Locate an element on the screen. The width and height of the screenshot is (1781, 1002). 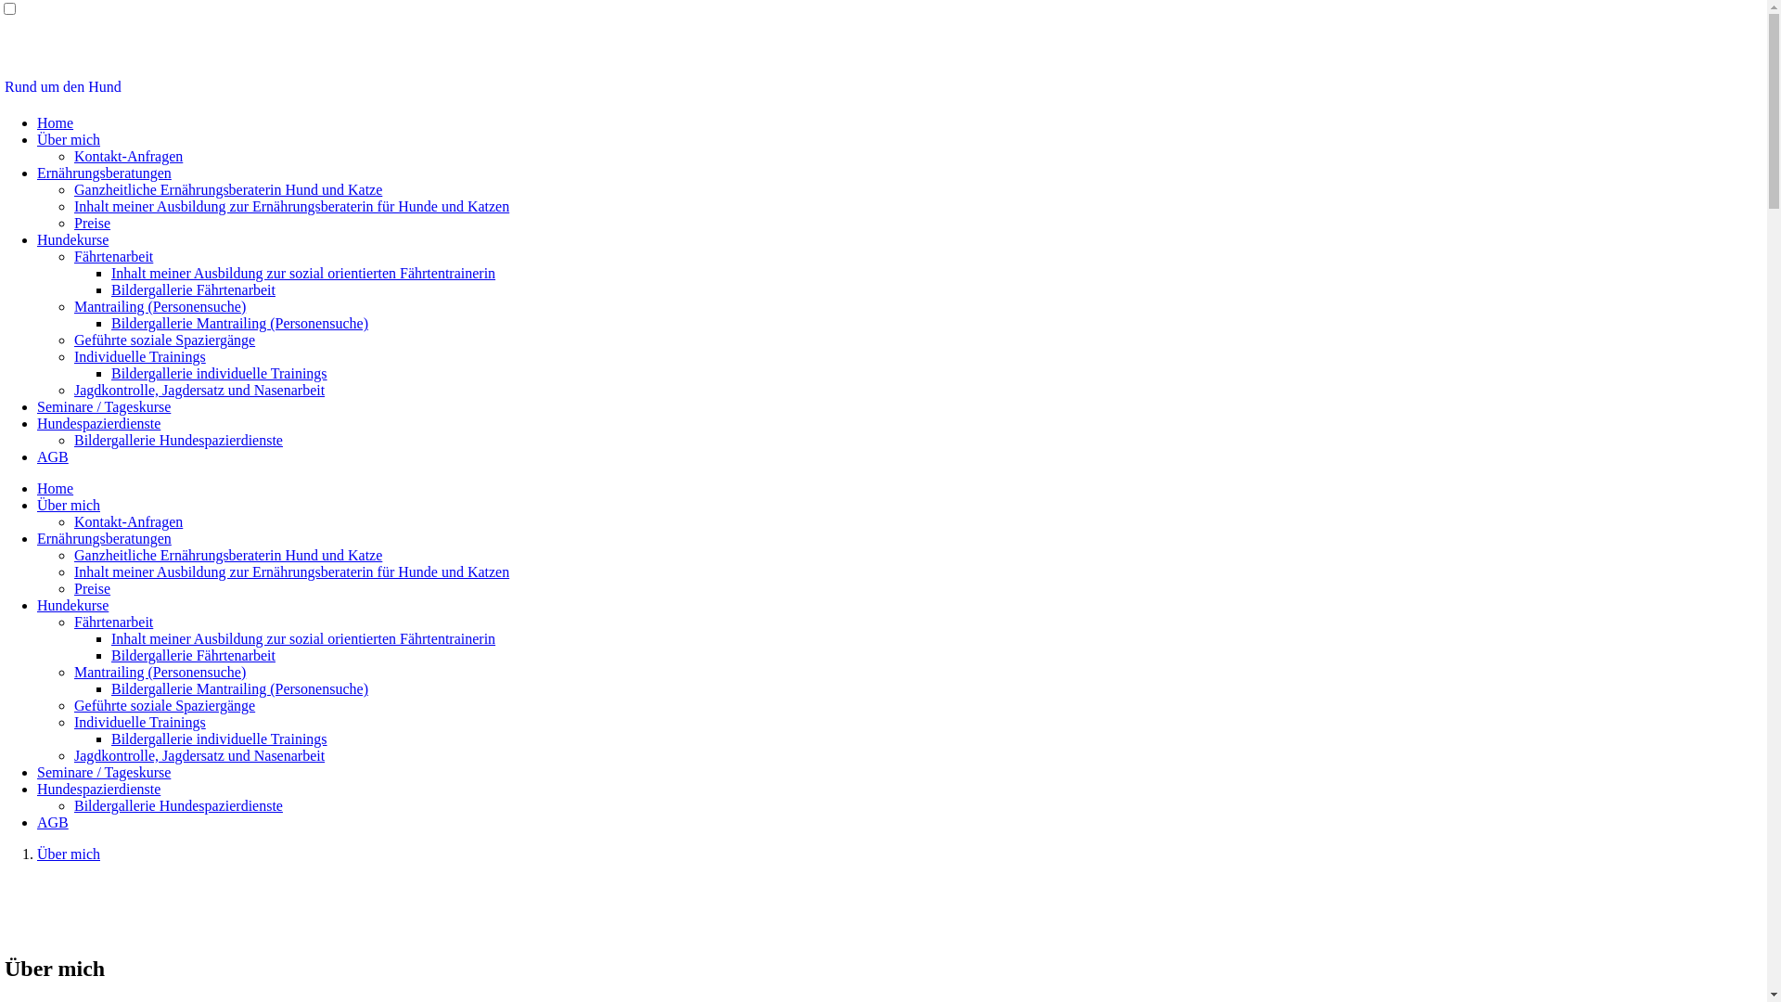
'Bildergallerie individuelle Trainings' is located at coordinates (219, 373).